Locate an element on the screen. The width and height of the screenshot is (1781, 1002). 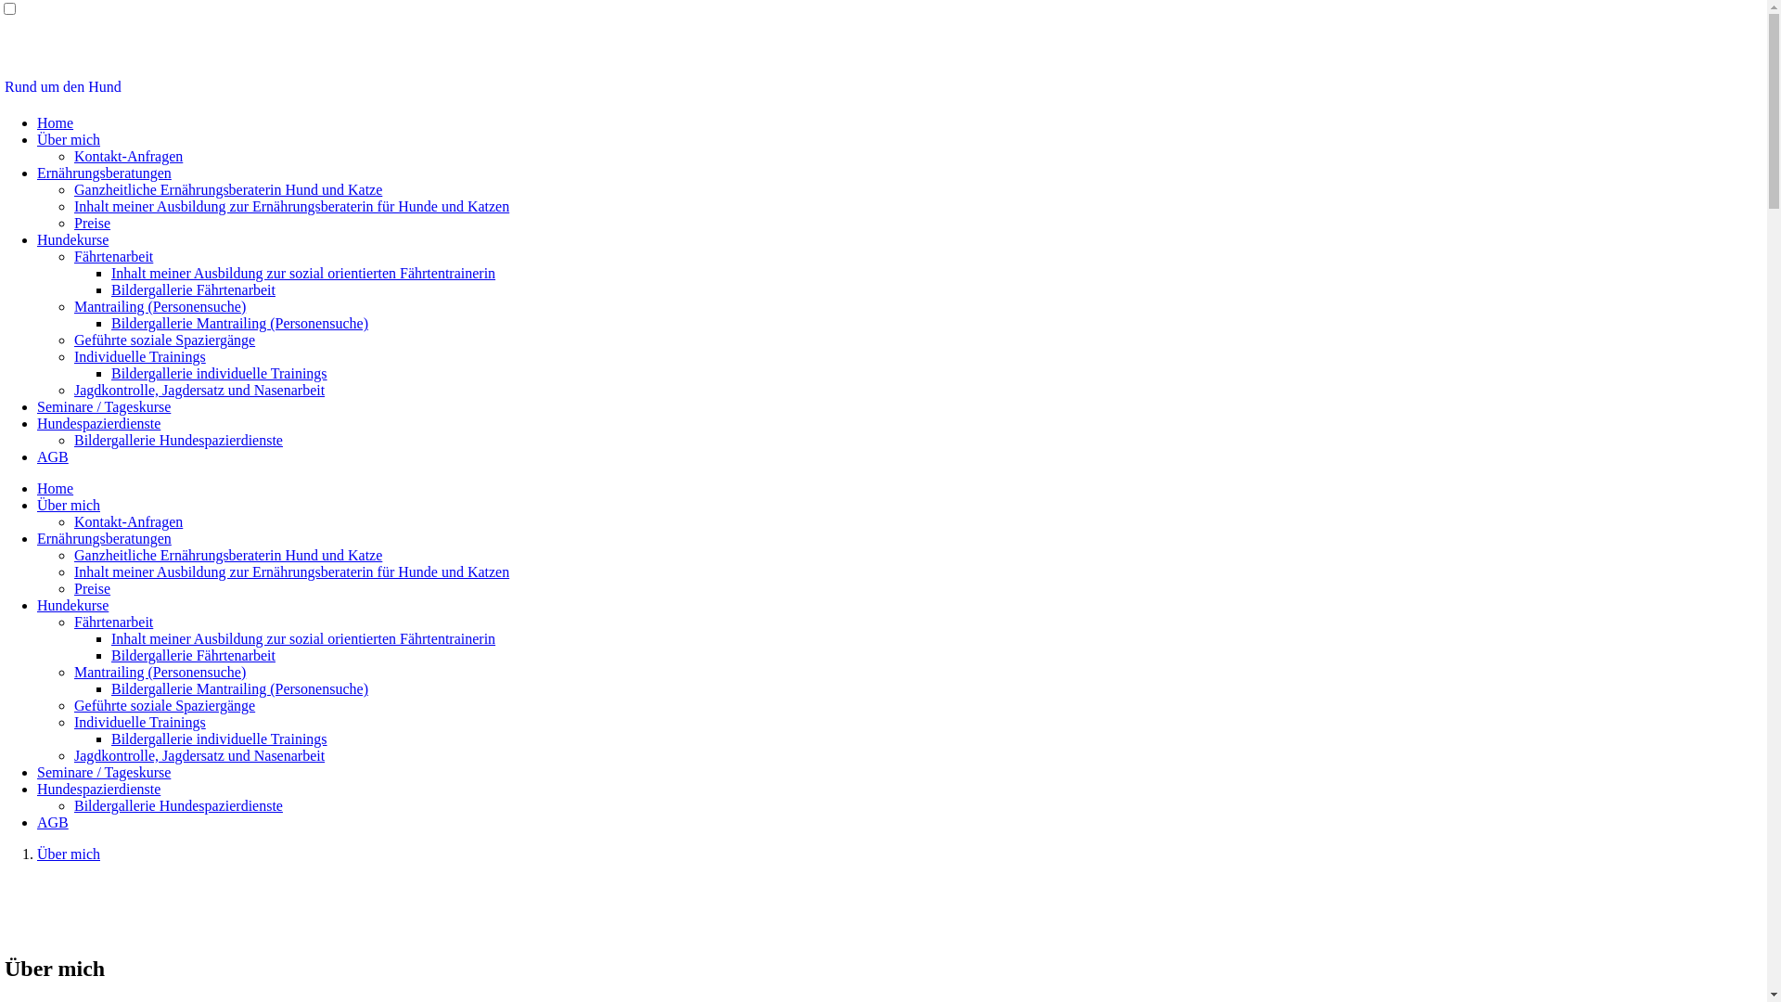
'Bildergallerie individuelle Trainings' is located at coordinates (219, 373).